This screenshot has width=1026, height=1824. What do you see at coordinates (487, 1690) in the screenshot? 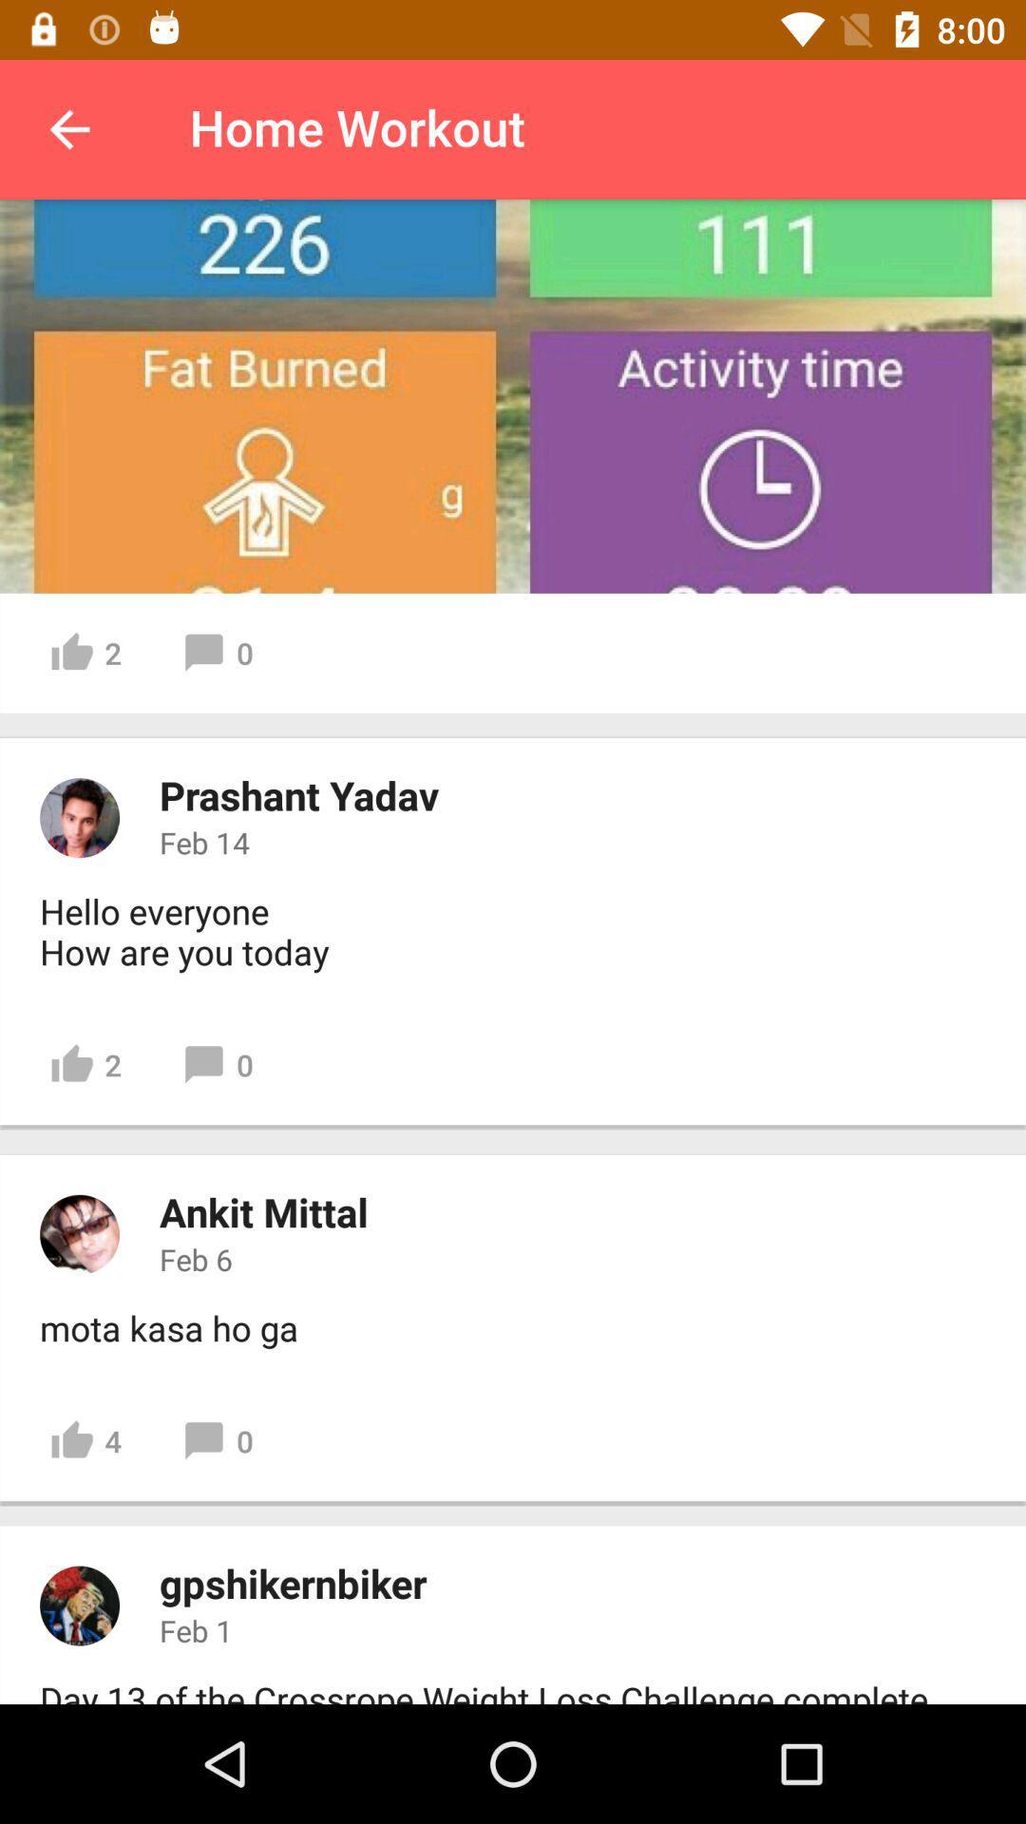
I see `day 13 of item` at bounding box center [487, 1690].